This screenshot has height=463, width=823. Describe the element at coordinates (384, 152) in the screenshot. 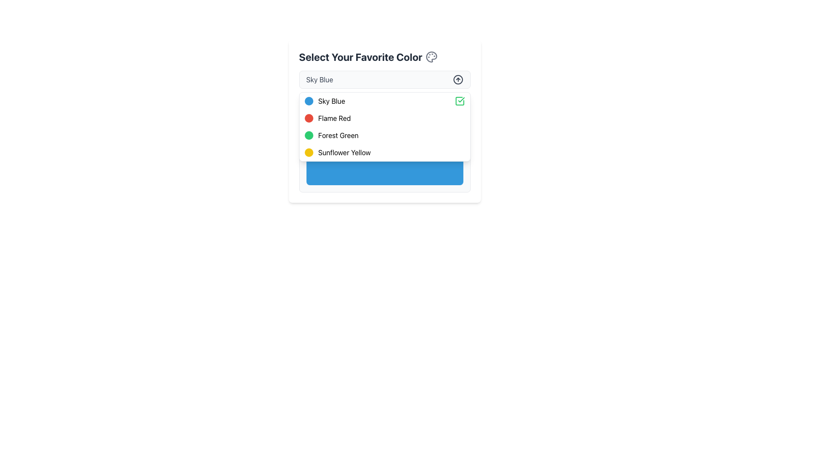

I see `the list item labeled 'Sunflower Yellow' in the dropdown menu` at that location.